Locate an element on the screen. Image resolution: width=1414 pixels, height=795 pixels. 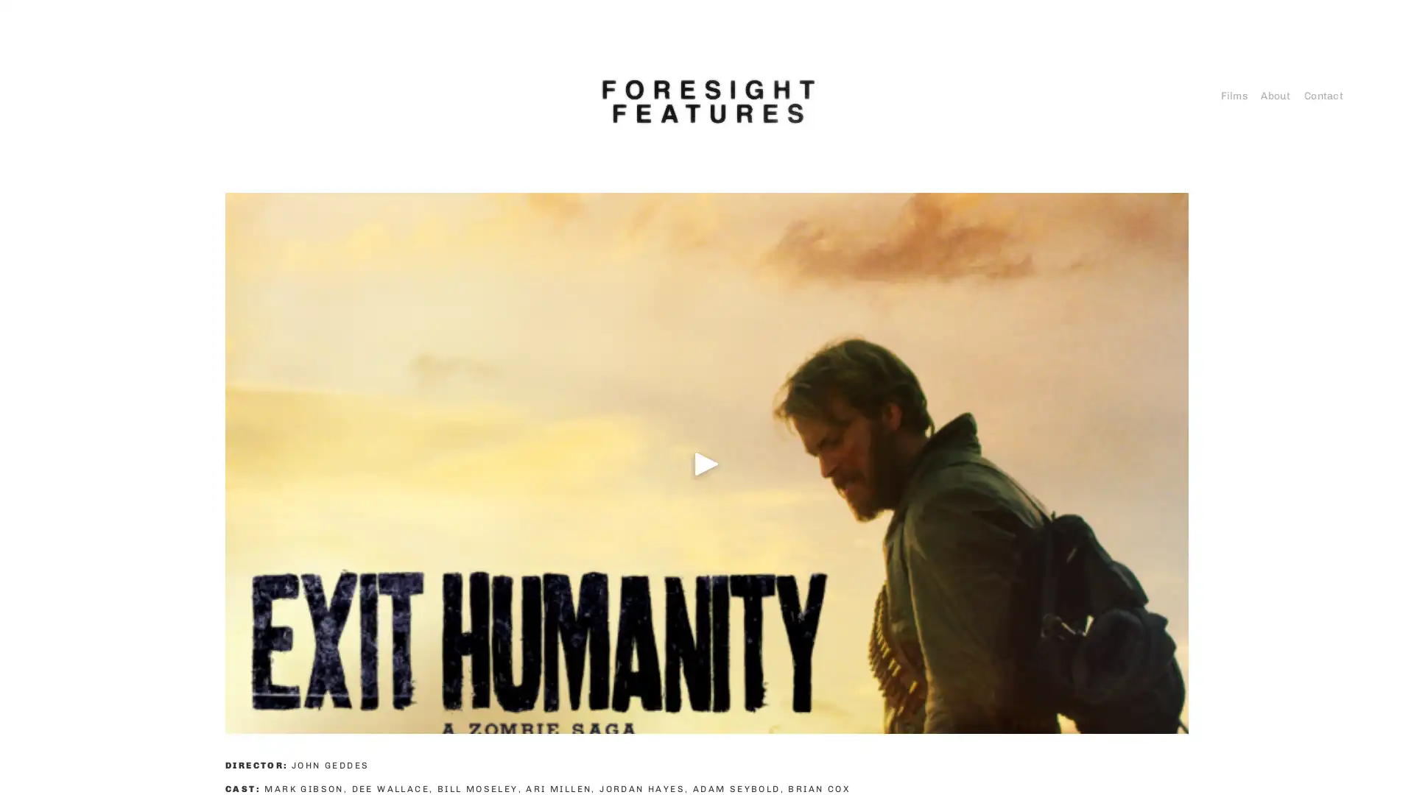
Play is located at coordinates (707, 462).